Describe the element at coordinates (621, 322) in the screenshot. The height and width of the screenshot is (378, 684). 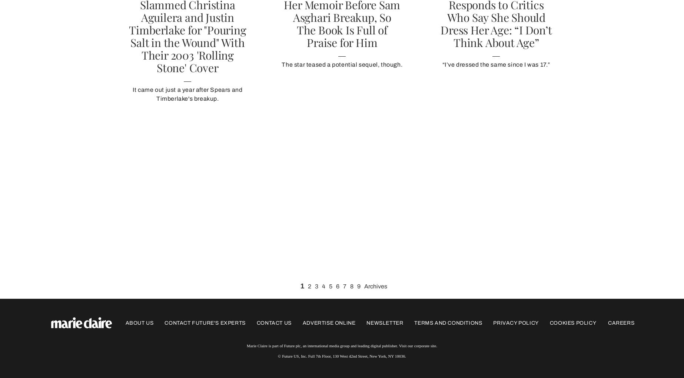
I see `'Careers'` at that location.